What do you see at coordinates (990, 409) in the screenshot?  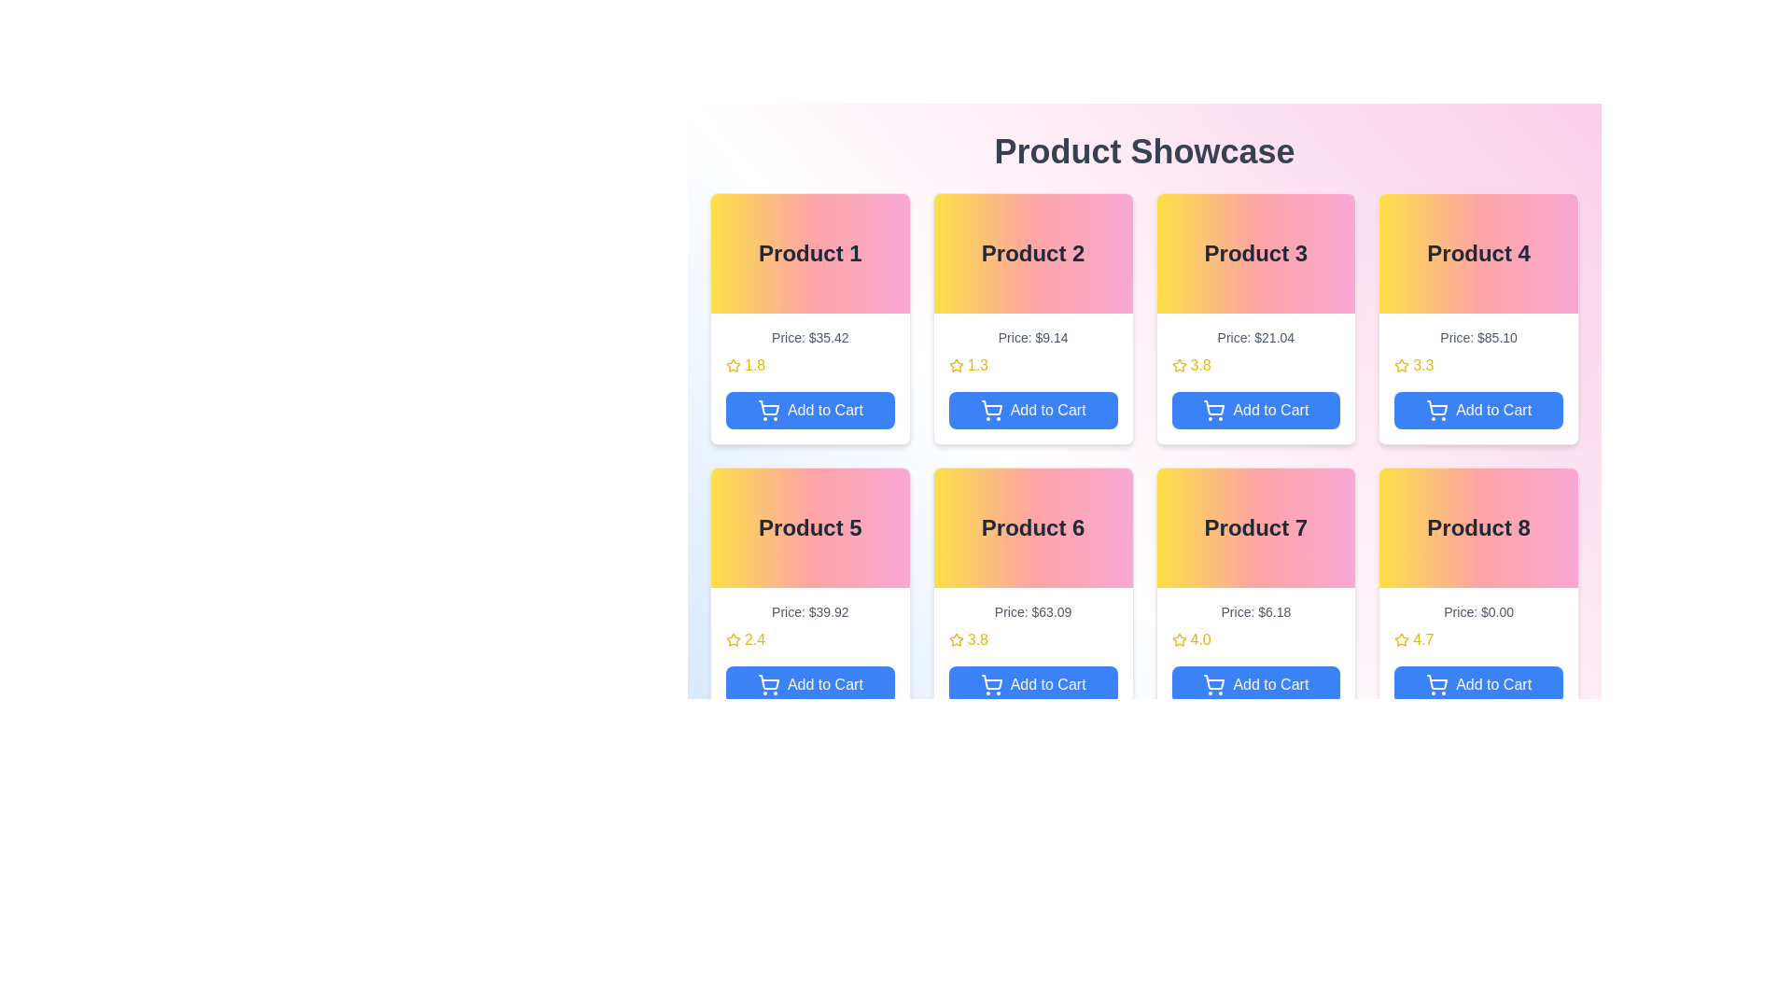 I see `the icon representing the action of adding a product to the cart, which is located on the left side of the 'Add to Cart' button in the product card grid` at bounding box center [990, 409].